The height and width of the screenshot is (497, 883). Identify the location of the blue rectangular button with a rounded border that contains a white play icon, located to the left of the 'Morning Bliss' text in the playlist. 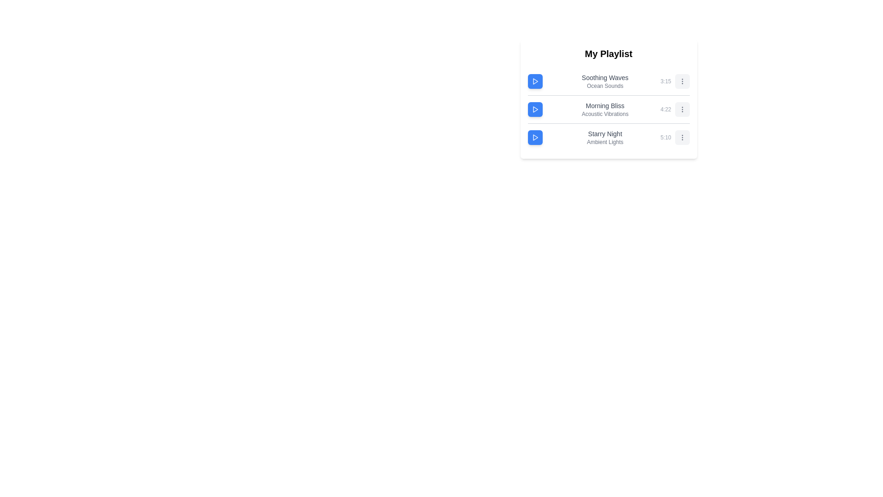
(535, 109).